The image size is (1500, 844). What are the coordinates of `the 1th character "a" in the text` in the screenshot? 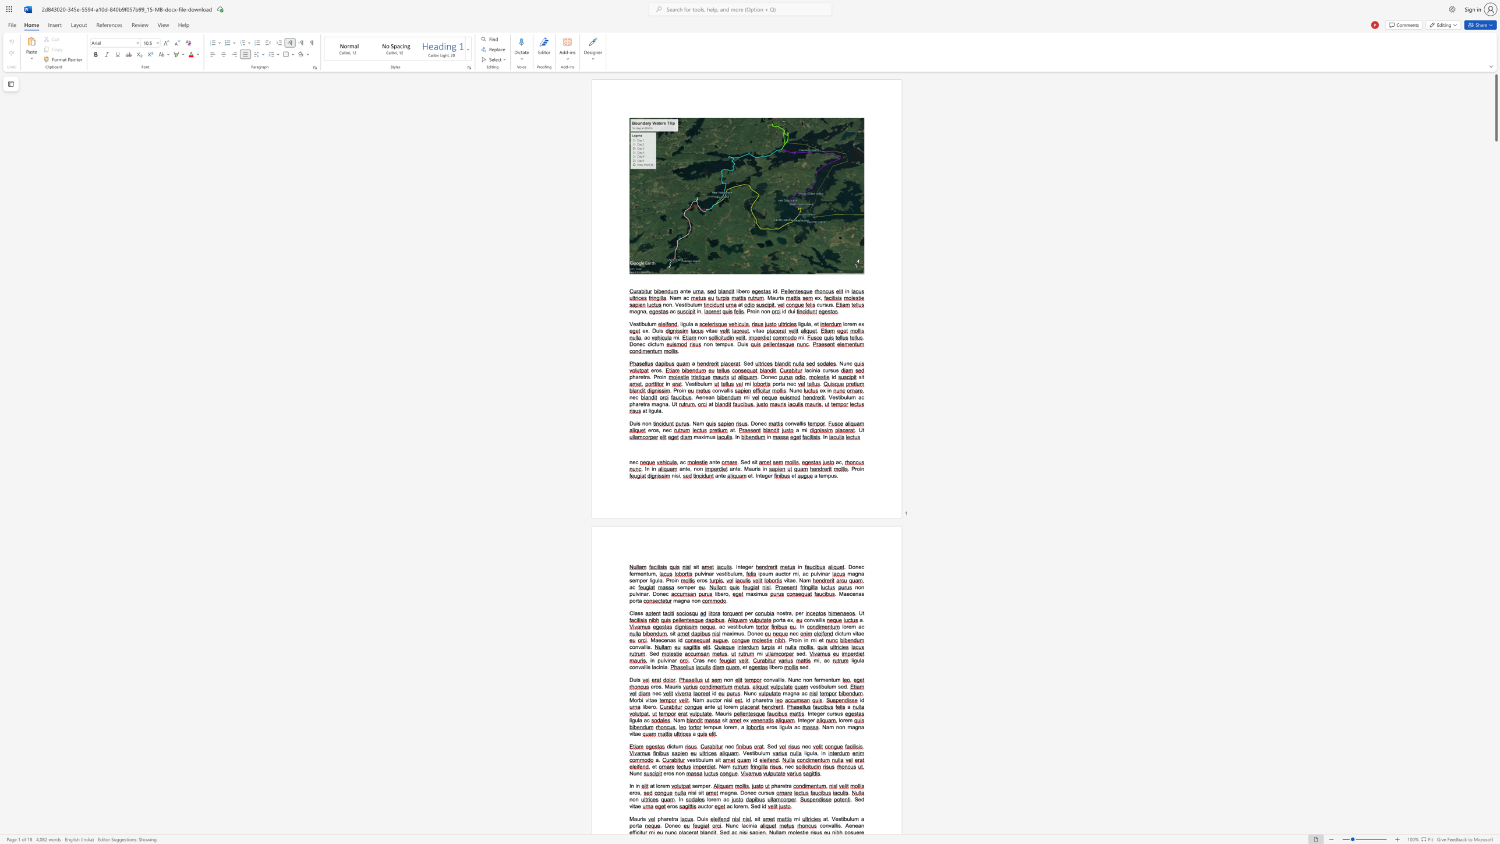 It's located at (656, 640).